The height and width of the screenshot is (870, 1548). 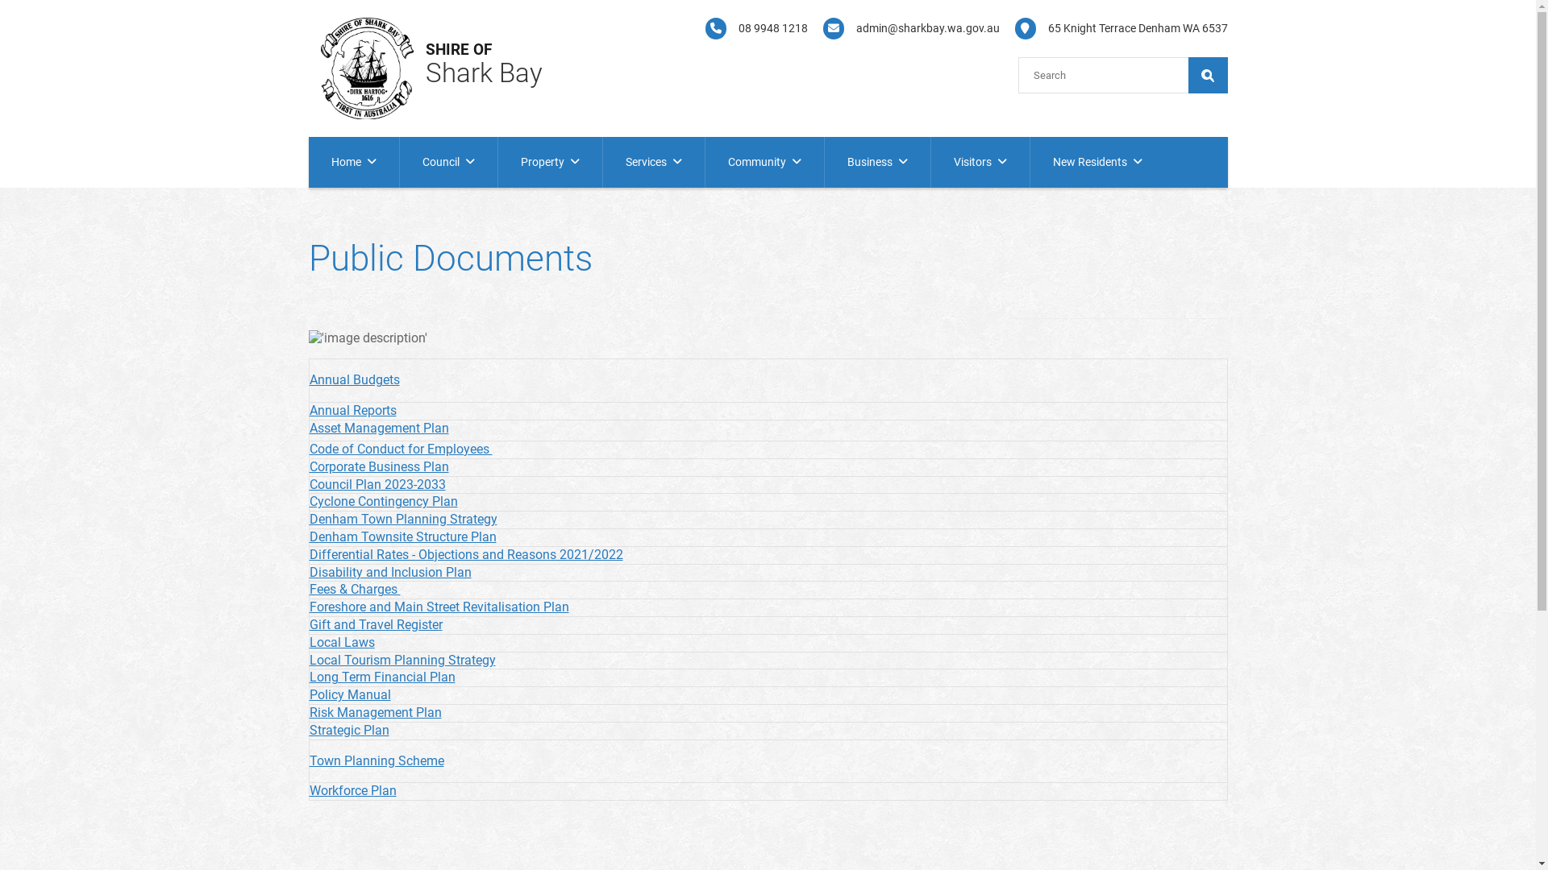 I want to click on '08 9948 1218', so click(x=750, y=28).